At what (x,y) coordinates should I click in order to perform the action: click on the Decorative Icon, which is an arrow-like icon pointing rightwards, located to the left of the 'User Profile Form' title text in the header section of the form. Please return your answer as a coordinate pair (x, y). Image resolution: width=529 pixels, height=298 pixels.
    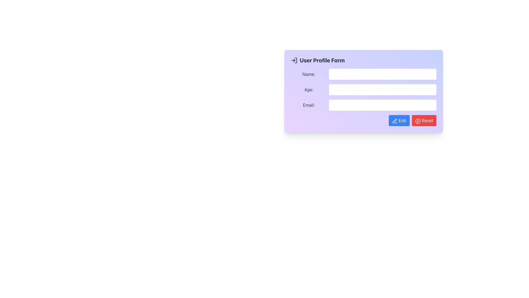
    Looking at the image, I should click on (294, 60).